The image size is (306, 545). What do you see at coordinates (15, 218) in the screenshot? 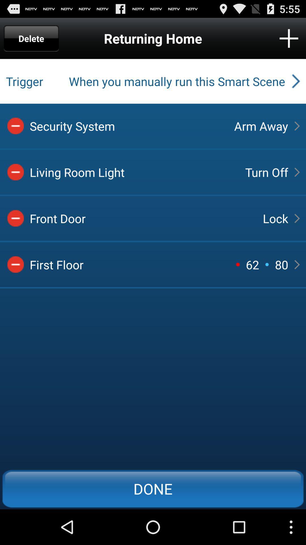
I see `delete selection` at bounding box center [15, 218].